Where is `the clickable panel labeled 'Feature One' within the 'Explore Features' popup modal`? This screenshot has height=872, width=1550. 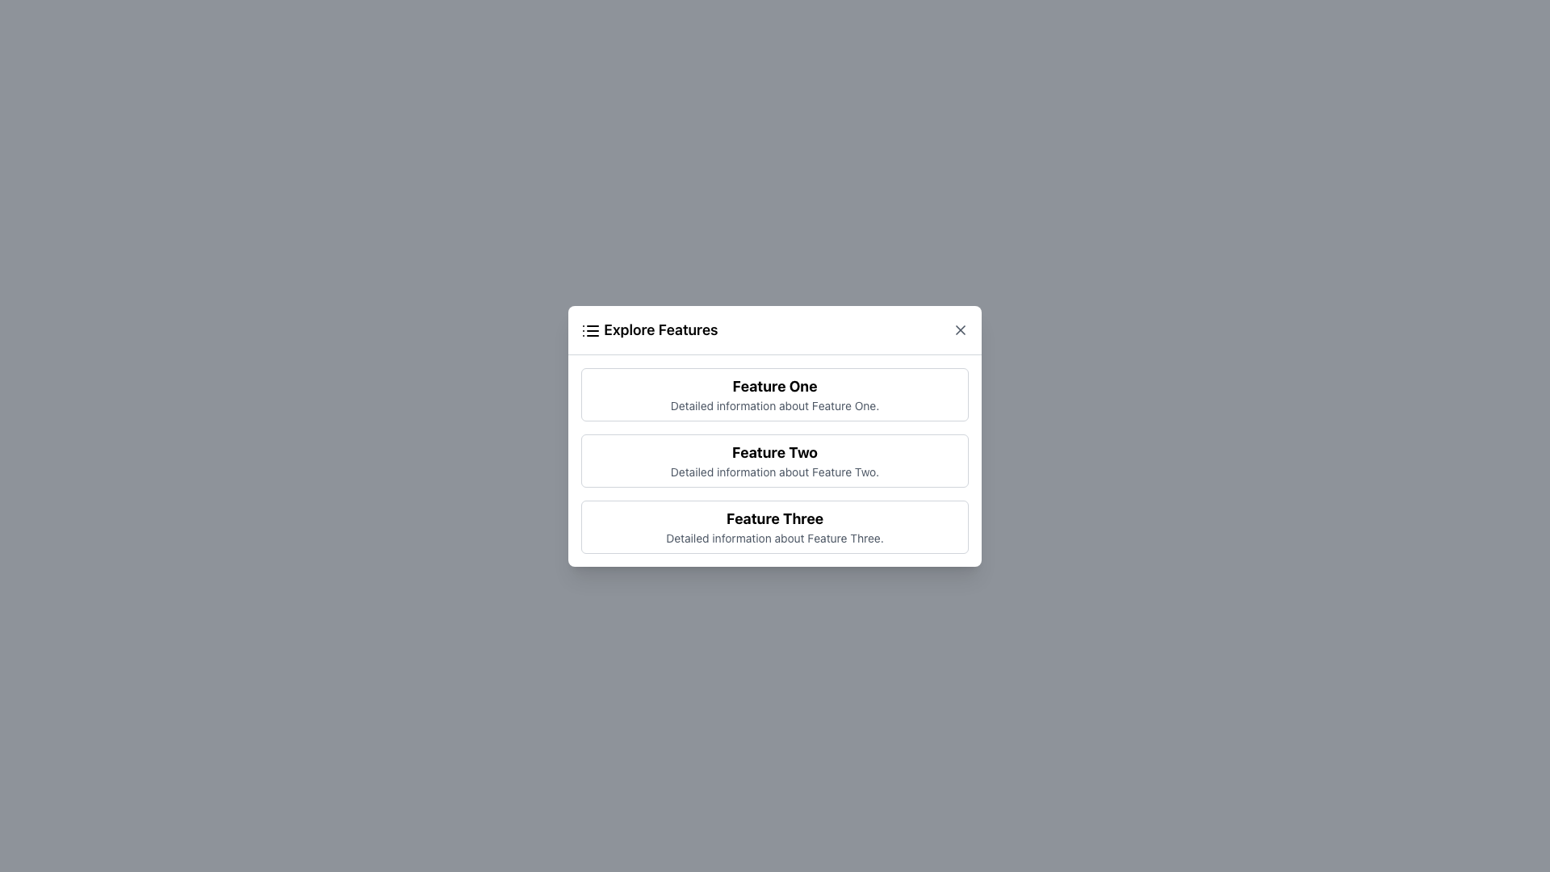
the clickable panel labeled 'Feature One' within the 'Explore Features' popup modal is located at coordinates (775, 394).